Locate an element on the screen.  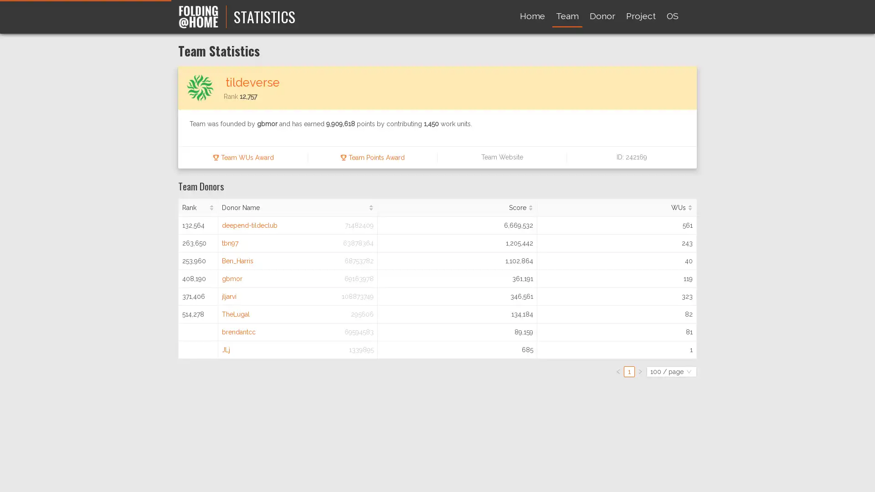
right is located at coordinates (640, 371).